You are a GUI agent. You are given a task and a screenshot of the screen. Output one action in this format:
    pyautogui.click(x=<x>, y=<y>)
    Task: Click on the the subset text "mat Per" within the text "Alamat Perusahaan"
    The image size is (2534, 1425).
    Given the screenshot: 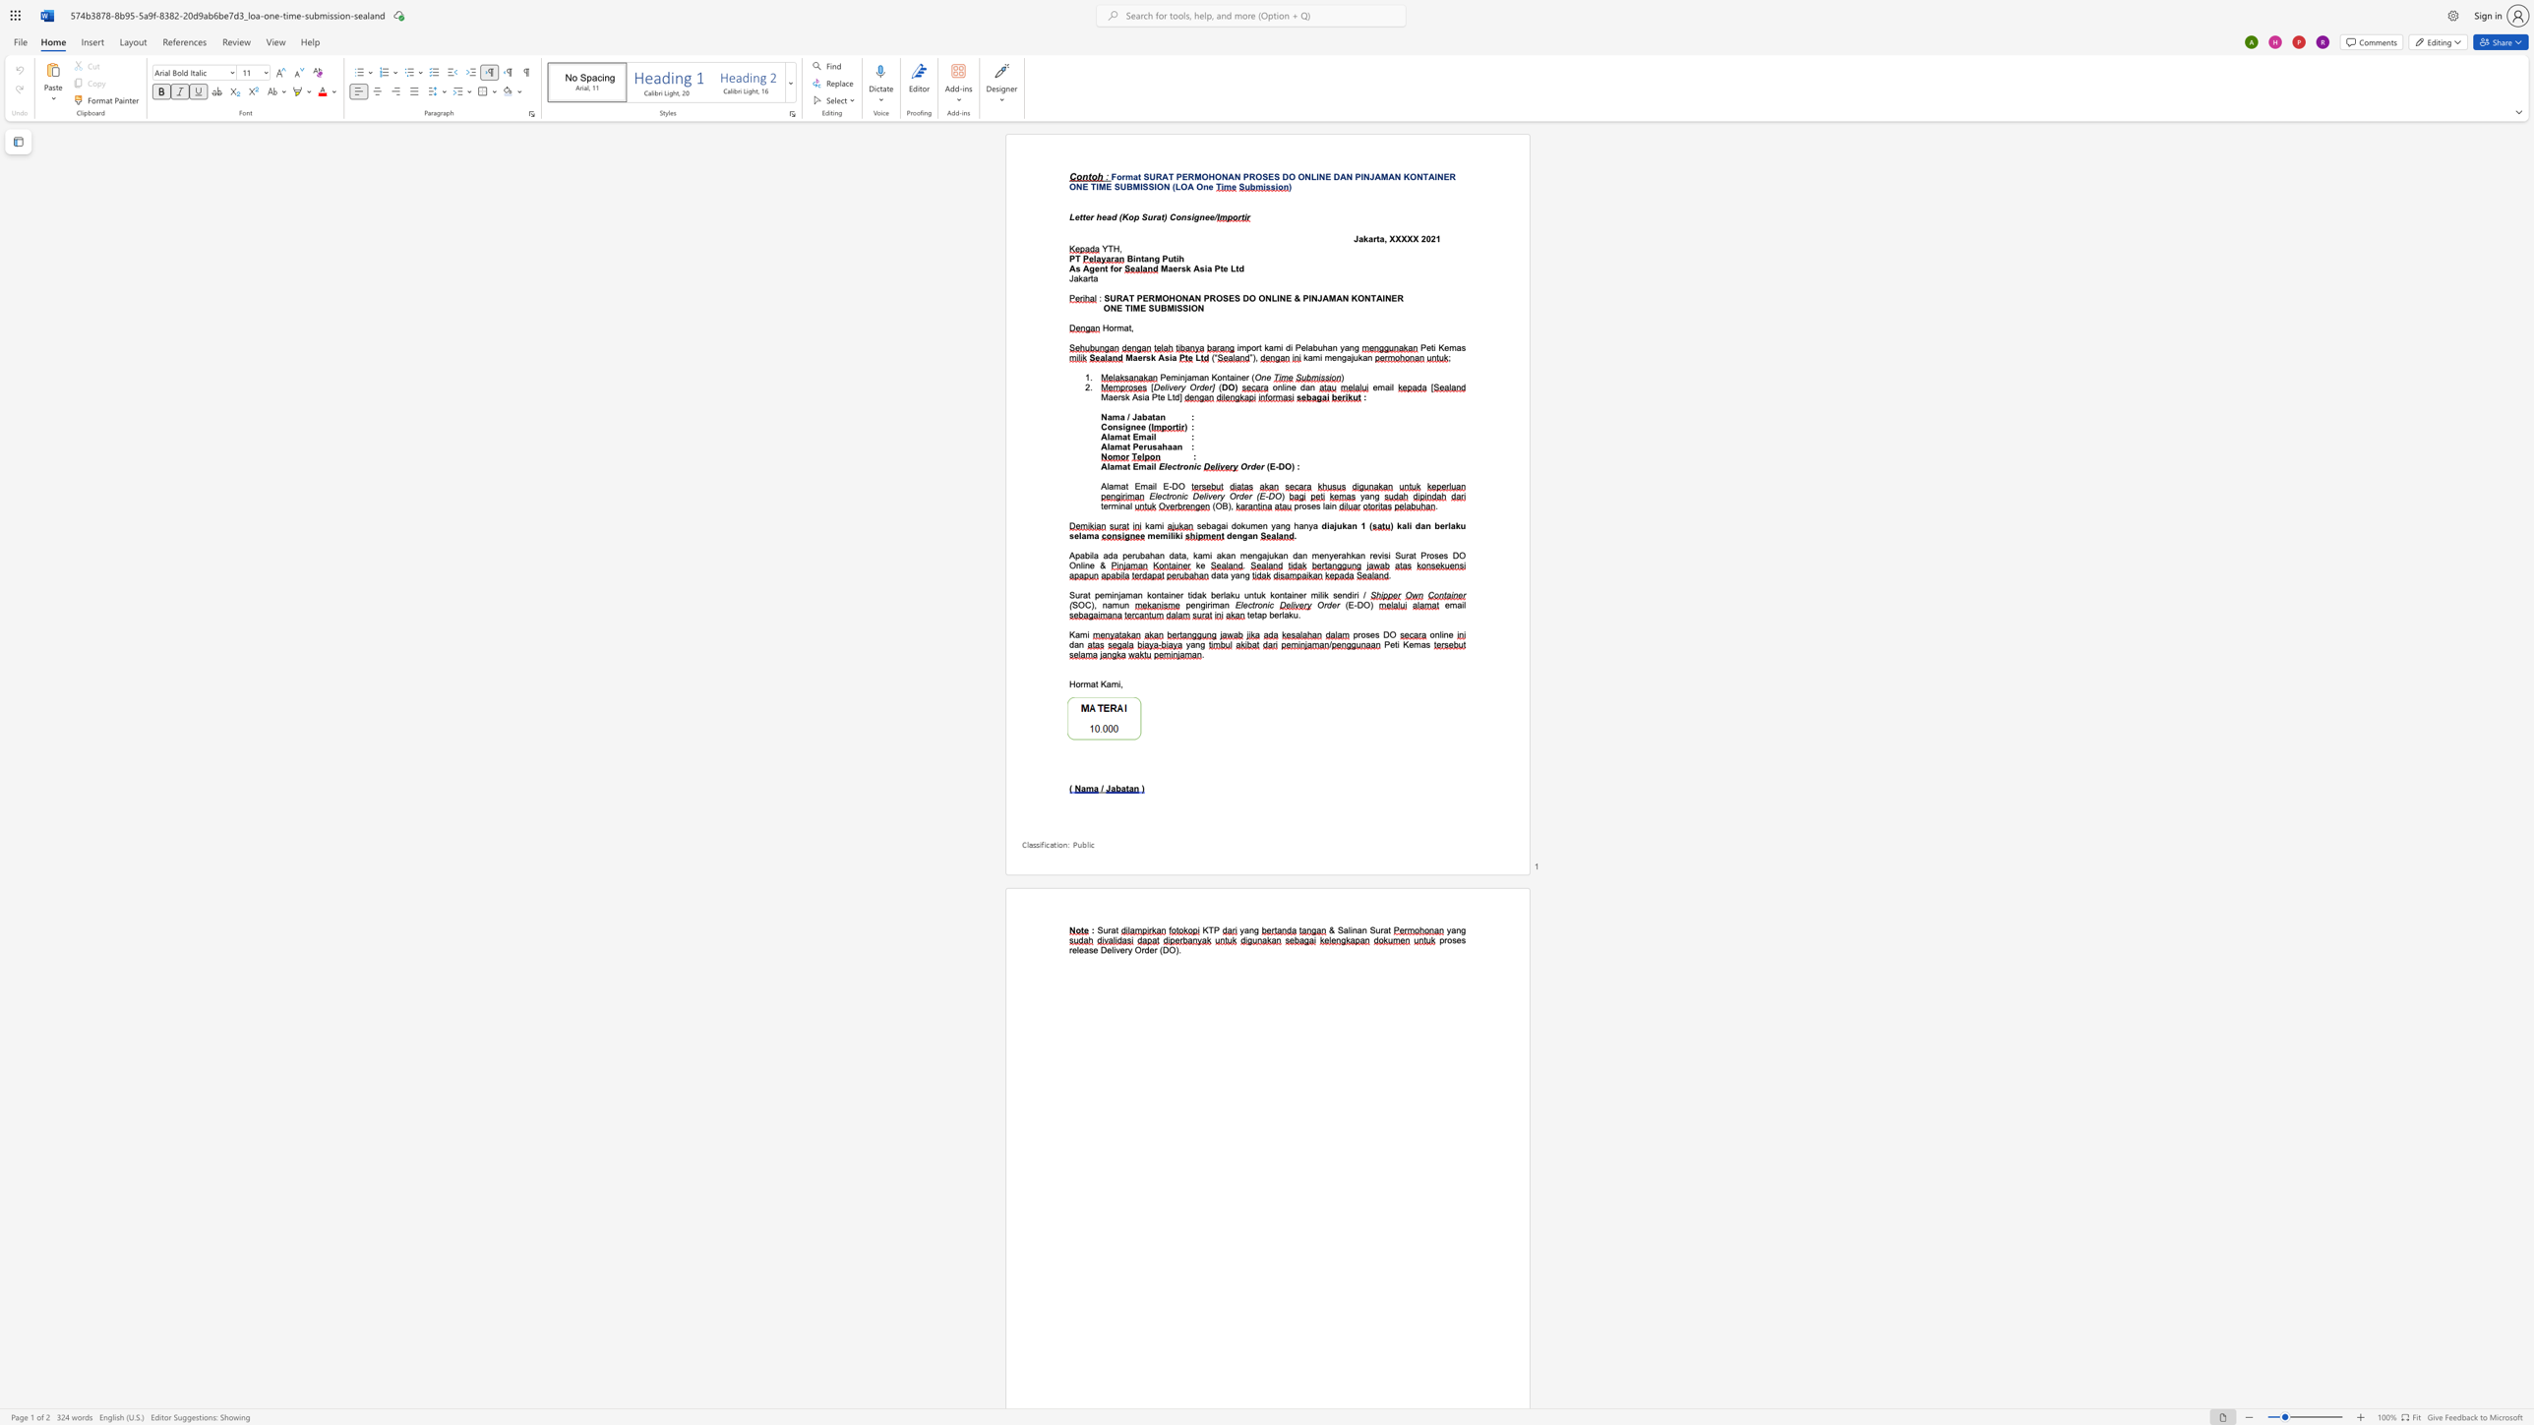 What is the action you would take?
    pyautogui.click(x=1114, y=445)
    